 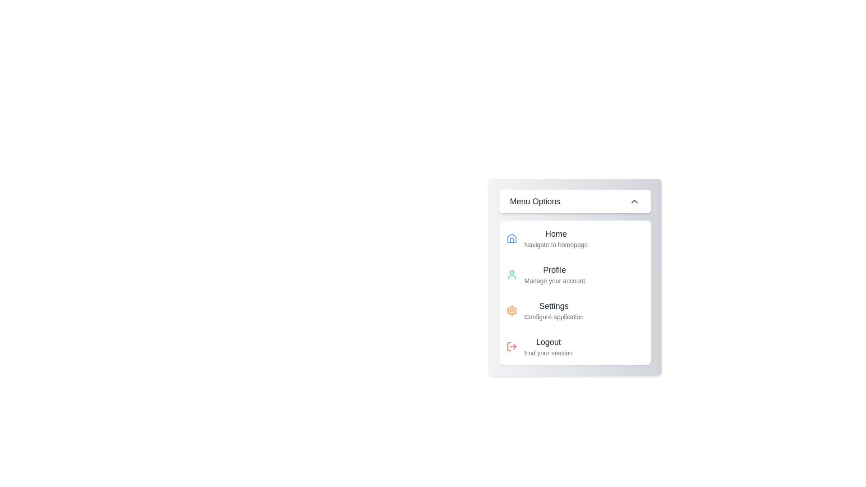 I want to click on the central navigation menu, so click(x=574, y=276).